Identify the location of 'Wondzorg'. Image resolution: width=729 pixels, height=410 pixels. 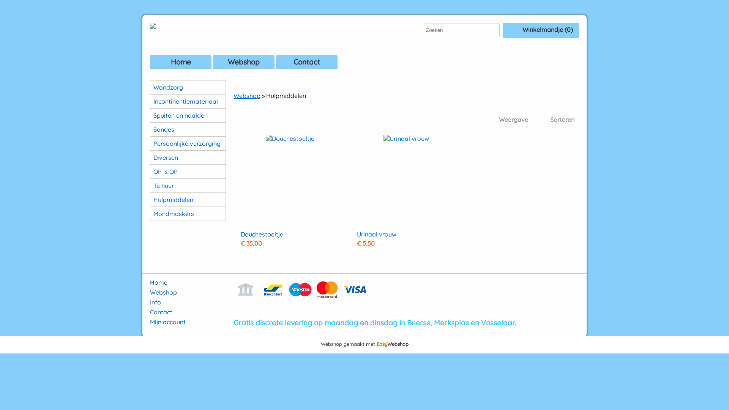
(188, 87).